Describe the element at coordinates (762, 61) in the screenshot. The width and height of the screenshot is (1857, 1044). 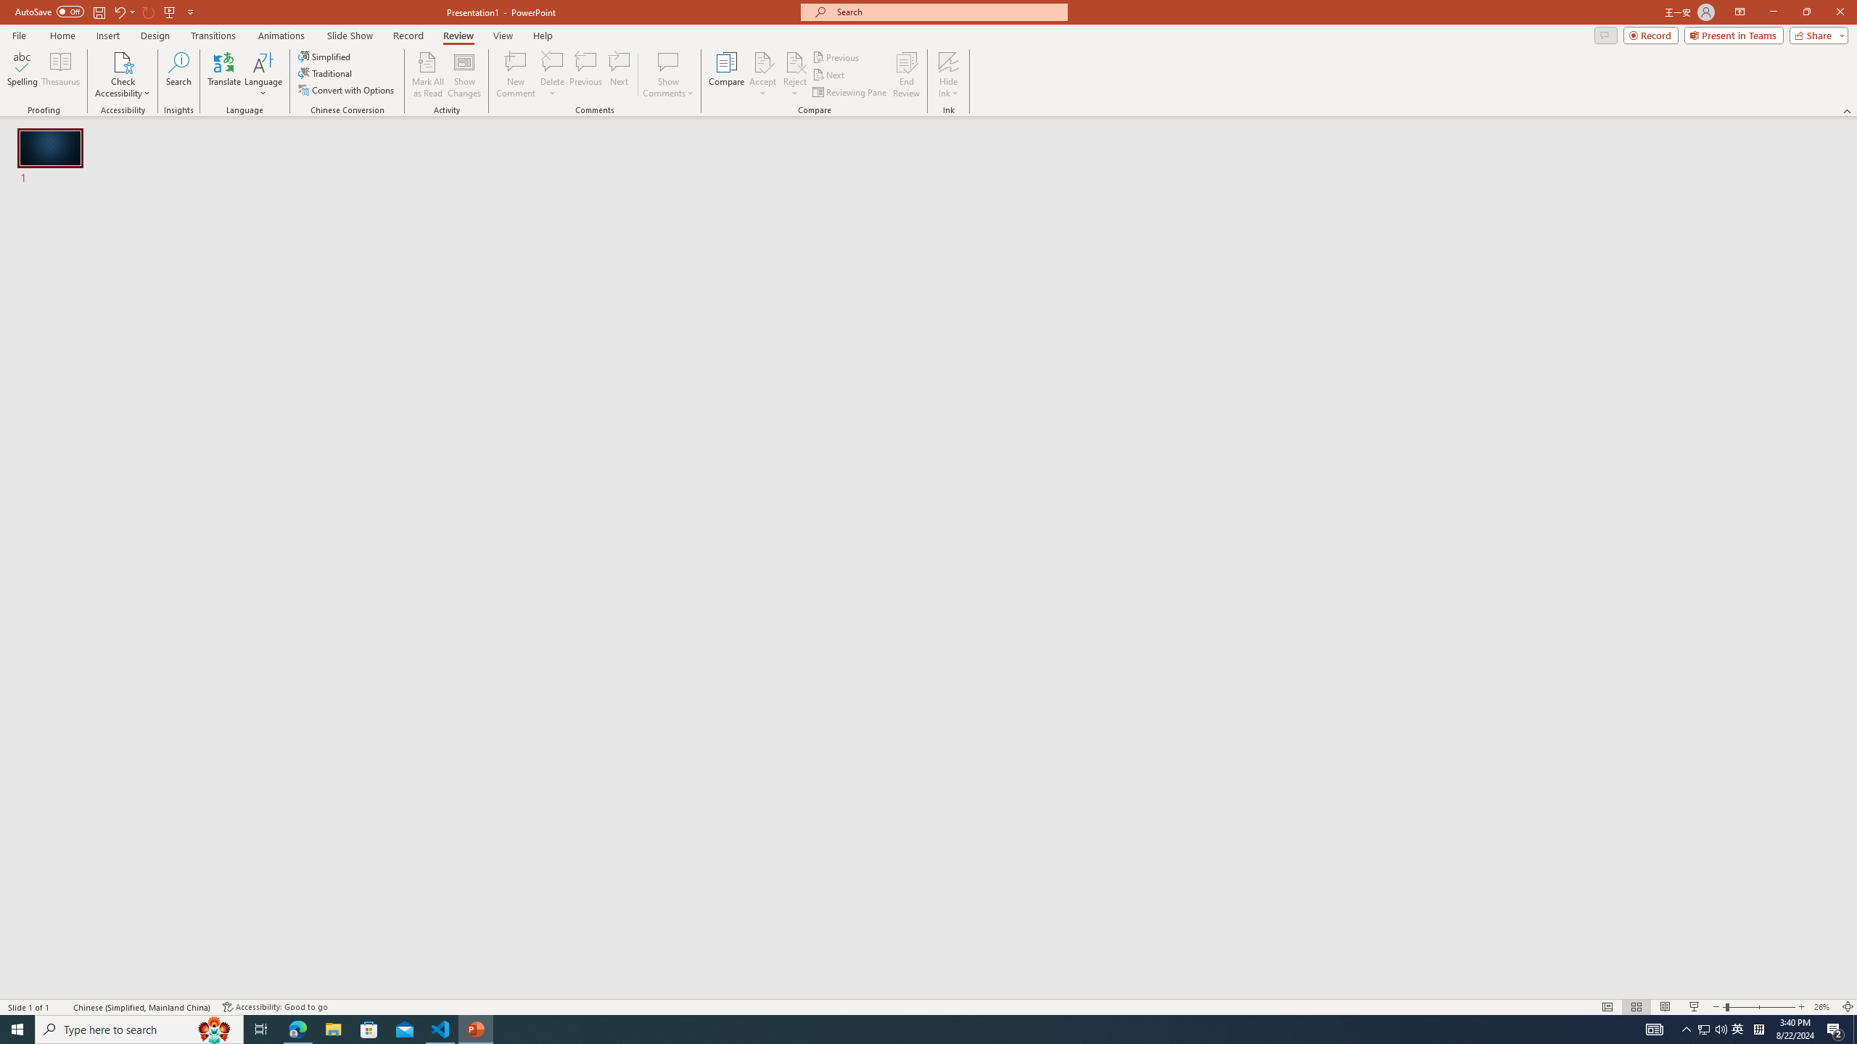
I see `'Accept Change'` at that location.